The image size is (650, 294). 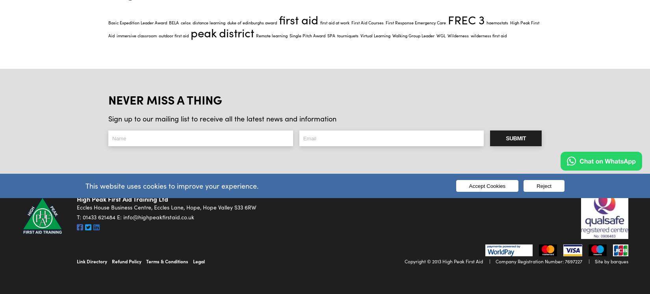 I want to click on 'Wilderness', so click(x=448, y=35).